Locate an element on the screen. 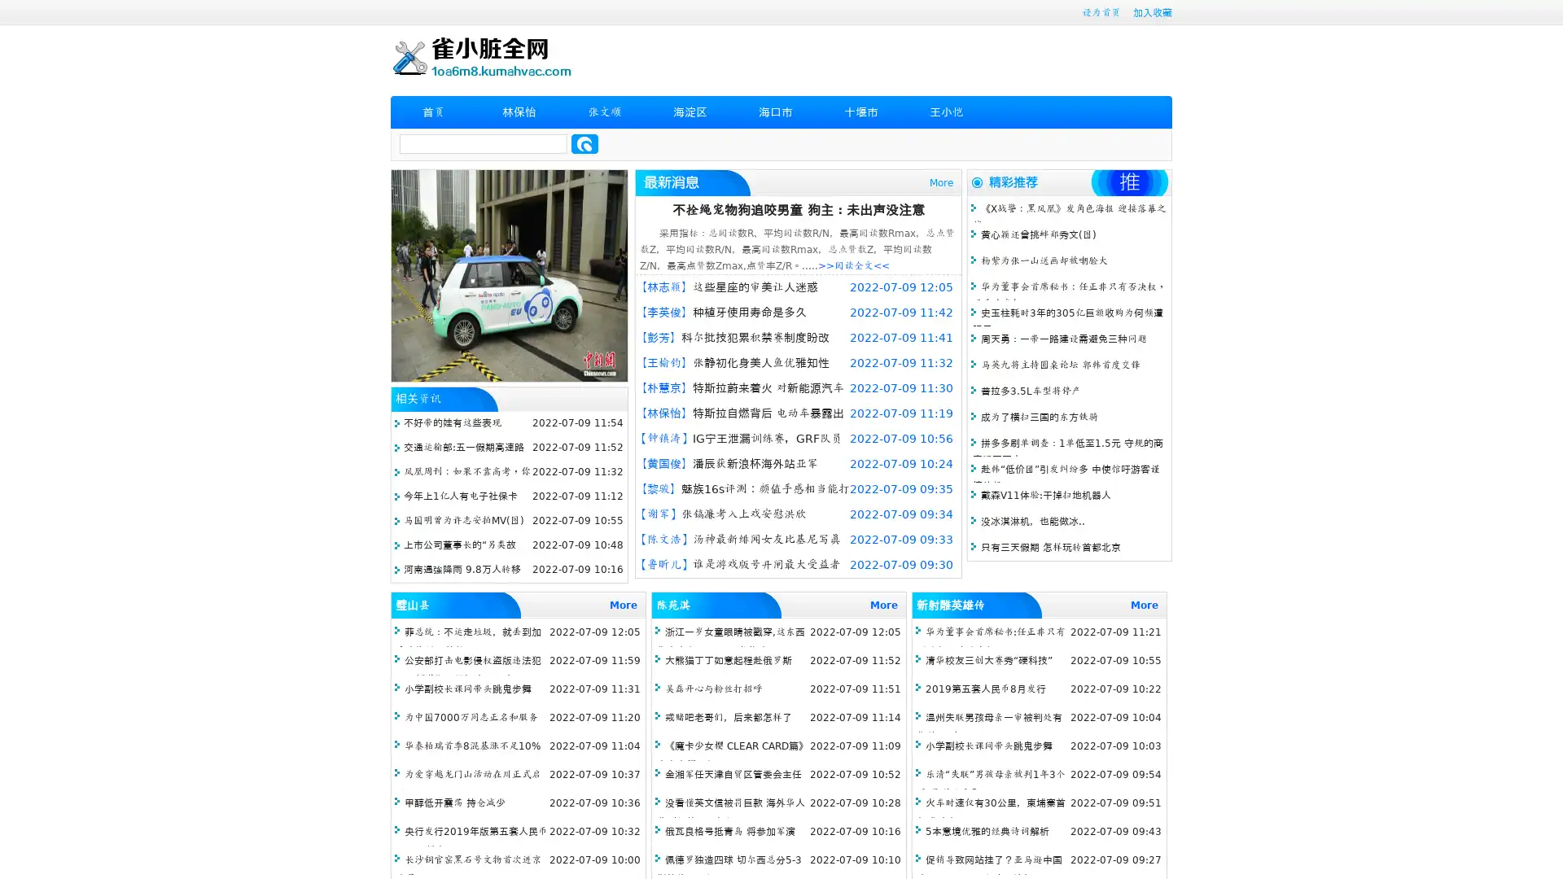 The height and width of the screenshot is (879, 1563). Search is located at coordinates (584, 143).